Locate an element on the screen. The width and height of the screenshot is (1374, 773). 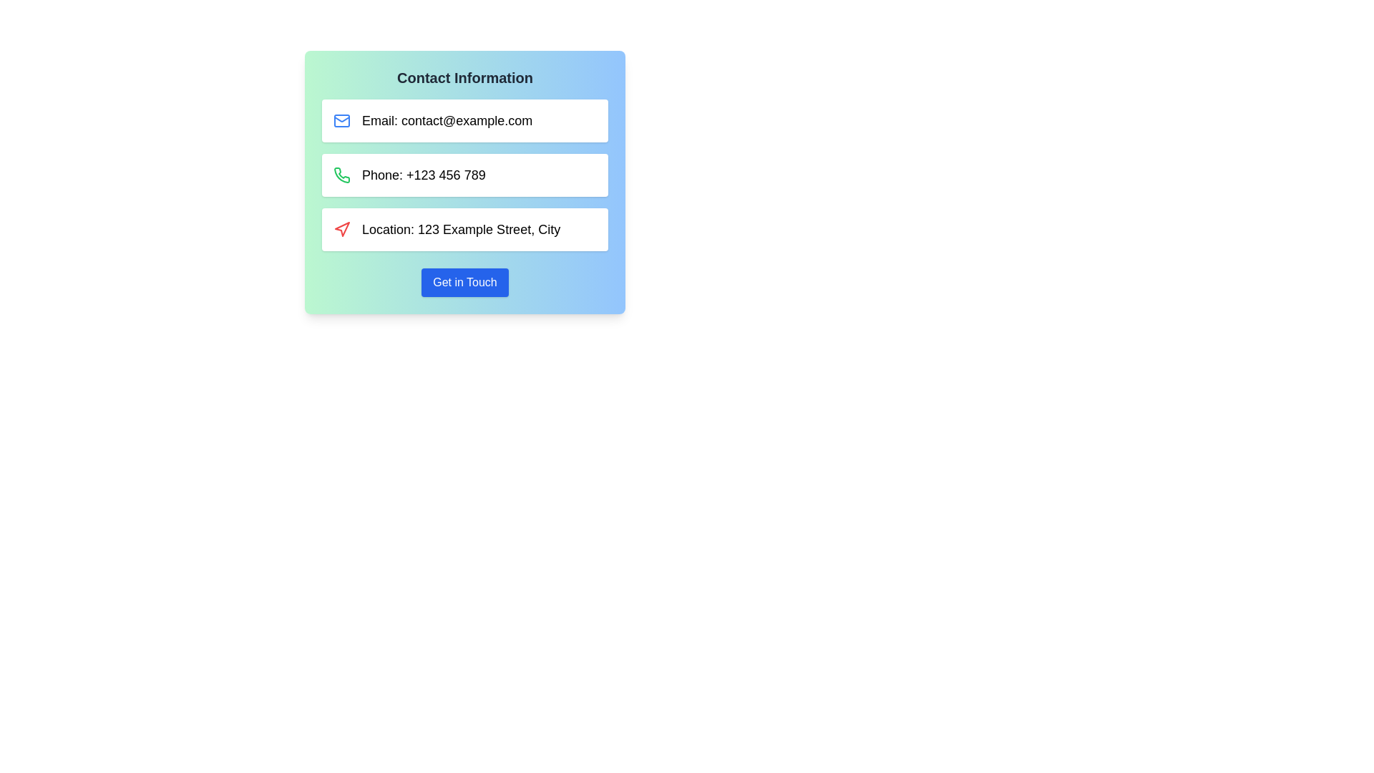
the phone icon with a green outline located in the 'Contact Information' section, positioned to the left of the label 'Phone: +123 456 789' is located at coordinates (341, 175).